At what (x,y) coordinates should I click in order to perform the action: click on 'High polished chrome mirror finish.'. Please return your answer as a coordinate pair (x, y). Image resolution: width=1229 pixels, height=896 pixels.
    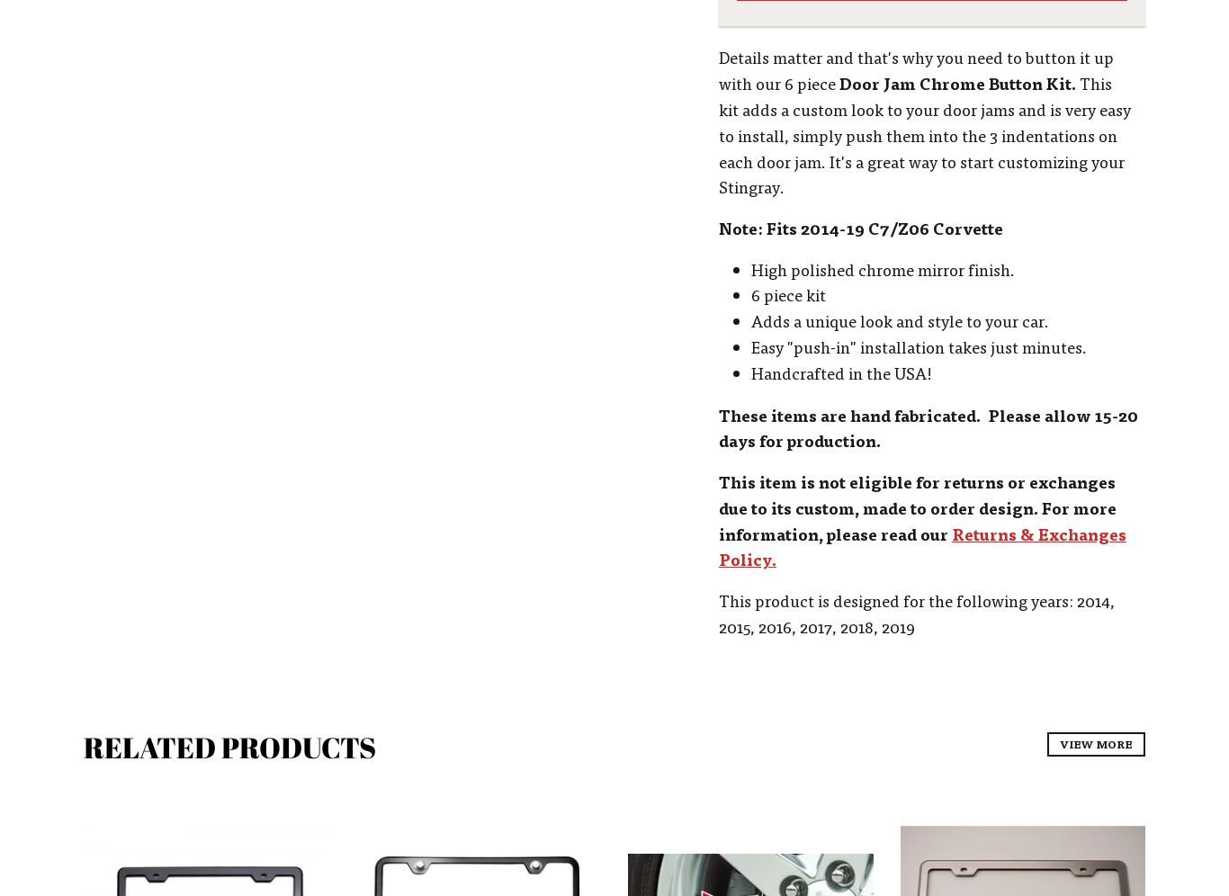
    Looking at the image, I should click on (749, 267).